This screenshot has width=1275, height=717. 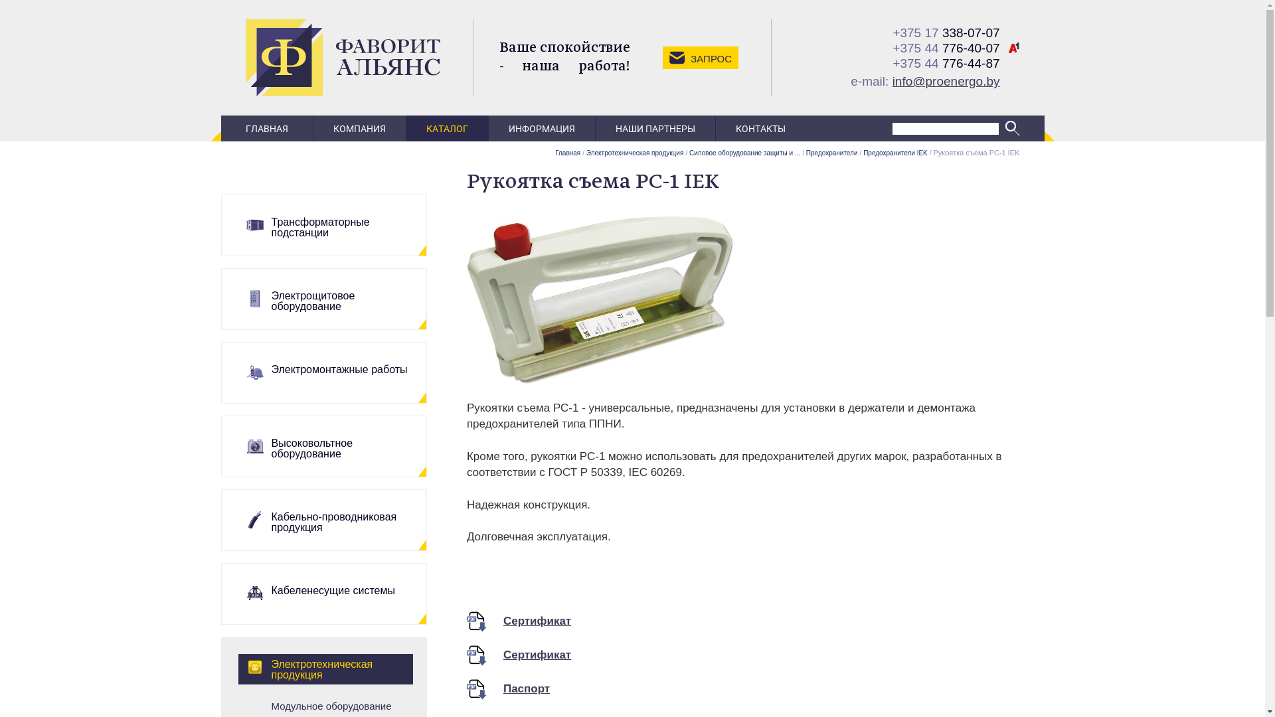 I want to click on '+375 17 338-07-07', so click(x=945, y=32).